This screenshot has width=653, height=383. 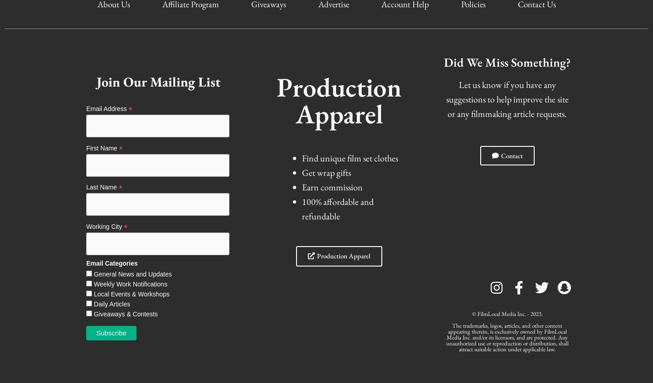 What do you see at coordinates (343, 255) in the screenshot?
I see `'Production Apparel'` at bounding box center [343, 255].